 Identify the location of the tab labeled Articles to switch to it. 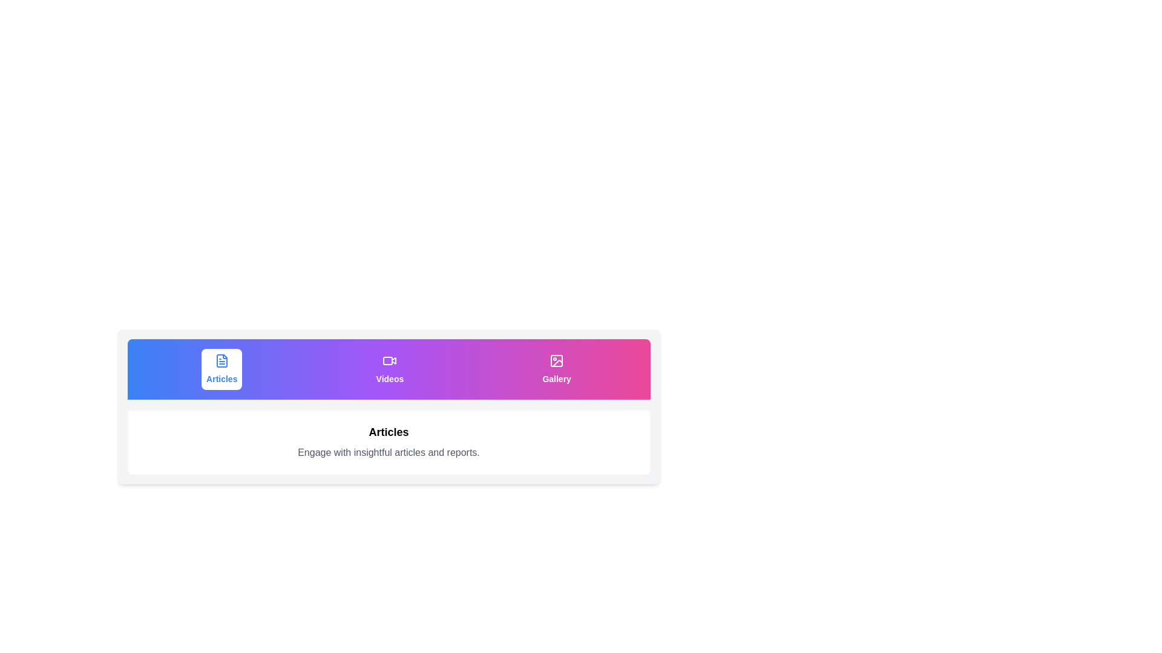
(222, 368).